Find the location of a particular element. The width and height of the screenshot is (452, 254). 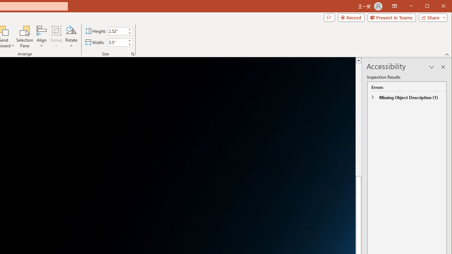

'Size and Position...' is located at coordinates (133, 54).